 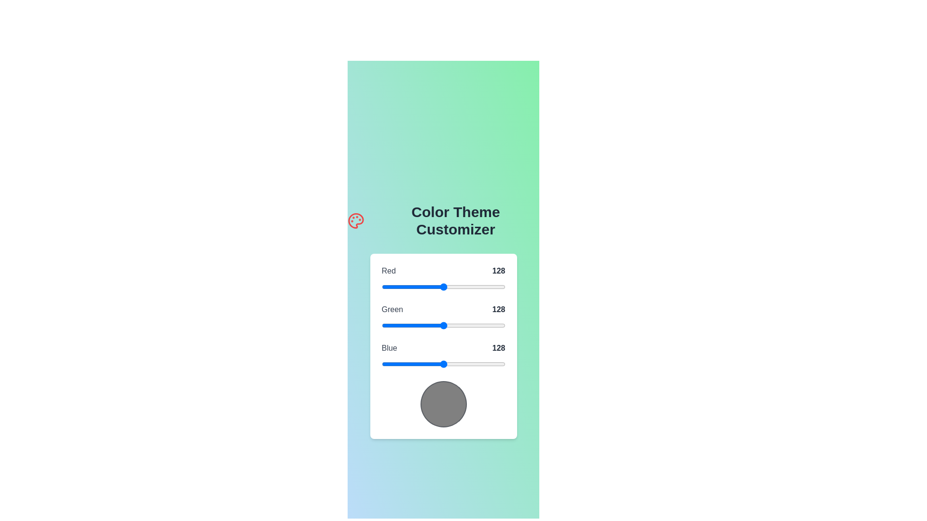 What do you see at coordinates (384, 326) in the screenshot?
I see `the green slider to 6` at bounding box center [384, 326].